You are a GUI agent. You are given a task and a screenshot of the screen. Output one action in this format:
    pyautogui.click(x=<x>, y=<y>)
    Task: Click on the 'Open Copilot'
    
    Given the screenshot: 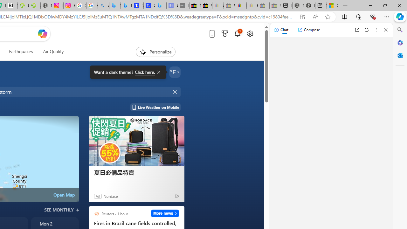 What is the action you would take?
    pyautogui.click(x=42, y=33)
    